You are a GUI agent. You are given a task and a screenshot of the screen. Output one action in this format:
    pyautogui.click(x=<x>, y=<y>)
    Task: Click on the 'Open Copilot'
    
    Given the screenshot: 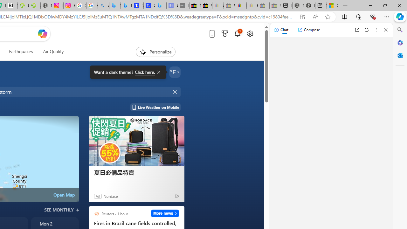 What is the action you would take?
    pyautogui.click(x=42, y=33)
    